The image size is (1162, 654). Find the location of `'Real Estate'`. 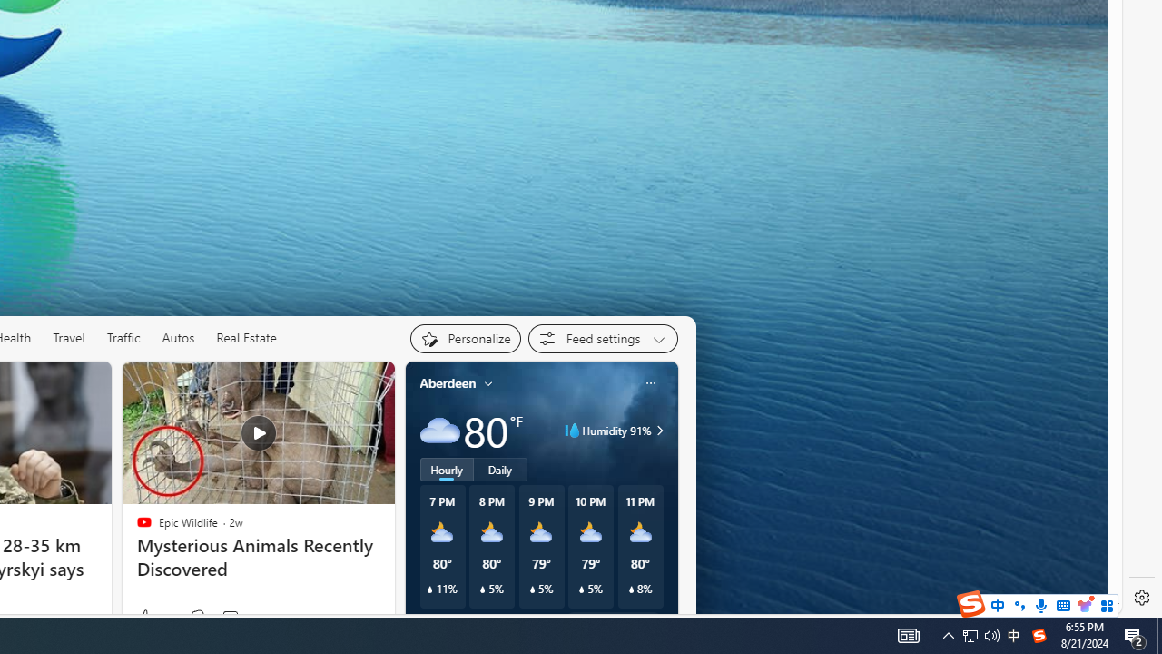

'Real Estate' is located at coordinates (245, 337).